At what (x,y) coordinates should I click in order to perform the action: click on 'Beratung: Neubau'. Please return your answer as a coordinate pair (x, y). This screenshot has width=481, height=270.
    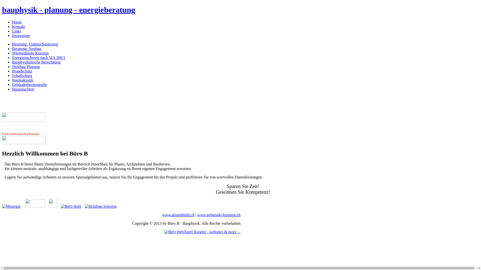
    Looking at the image, I should click on (26, 48).